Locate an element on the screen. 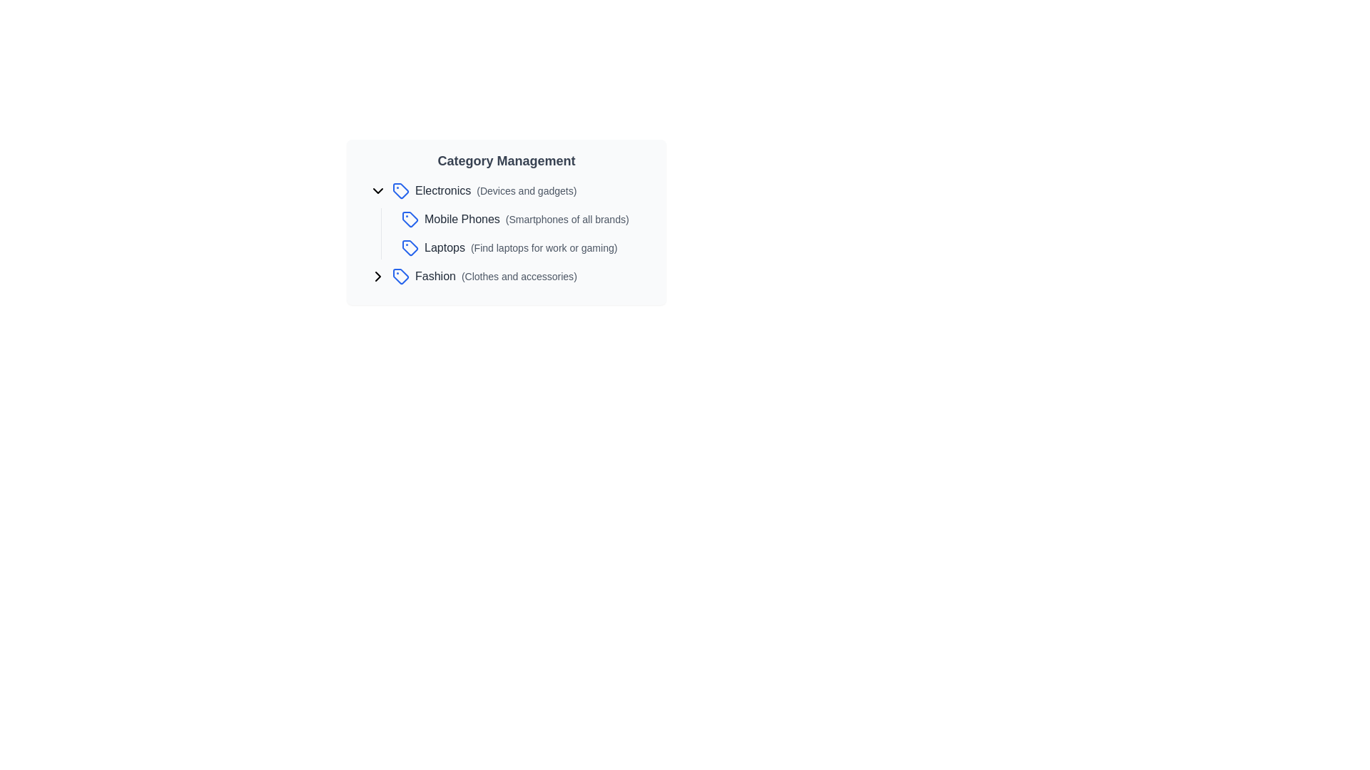 The height and width of the screenshot is (770, 1370). the 'Laptops' text link within the 'Category Management' navigation component is located at coordinates (520, 247).